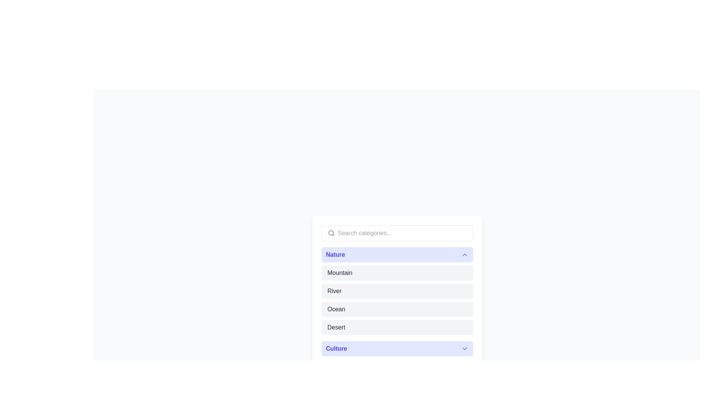 This screenshot has height=409, width=728. Describe the element at coordinates (464, 349) in the screenshot. I see `the downward-facing indigo chevron icon located to the right of the 'Culture' label` at that location.